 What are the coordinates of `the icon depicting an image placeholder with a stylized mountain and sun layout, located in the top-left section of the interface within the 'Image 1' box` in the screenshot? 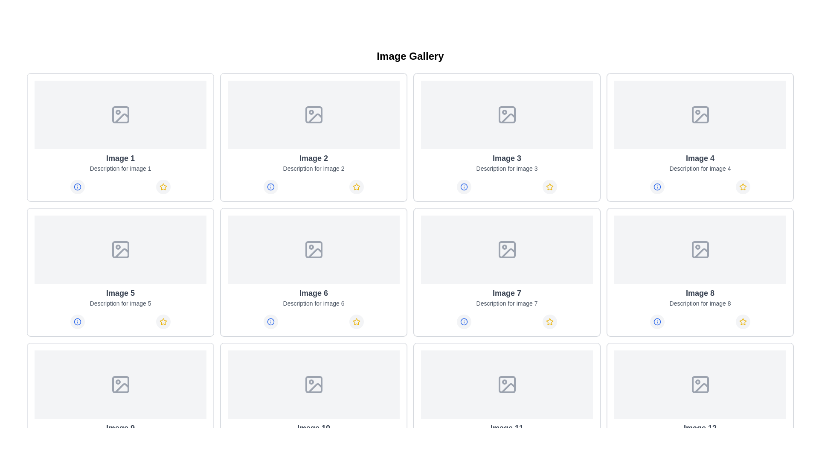 It's located at (120, 114).